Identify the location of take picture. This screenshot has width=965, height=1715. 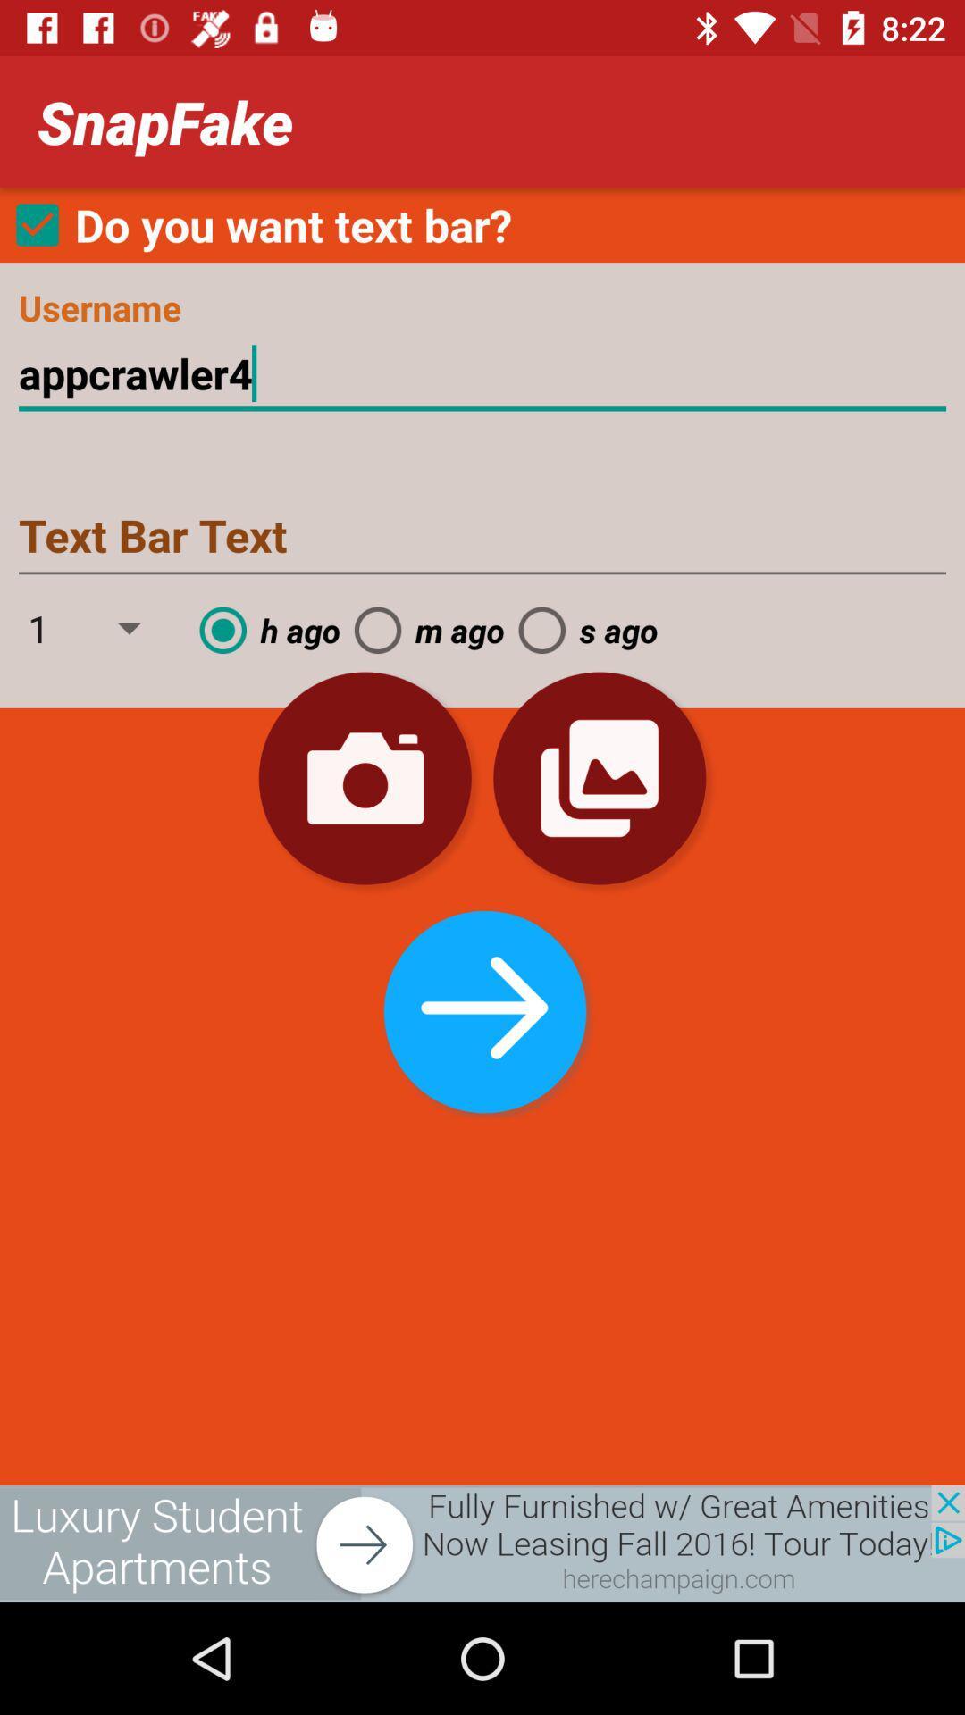
(364, 778).